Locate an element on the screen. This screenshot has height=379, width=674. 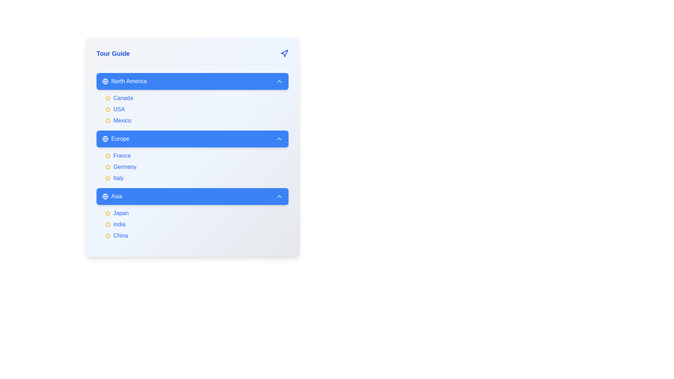
the blue rectangular button labeled 'Europe' with a globe icon is located at coordinates (192, 139).